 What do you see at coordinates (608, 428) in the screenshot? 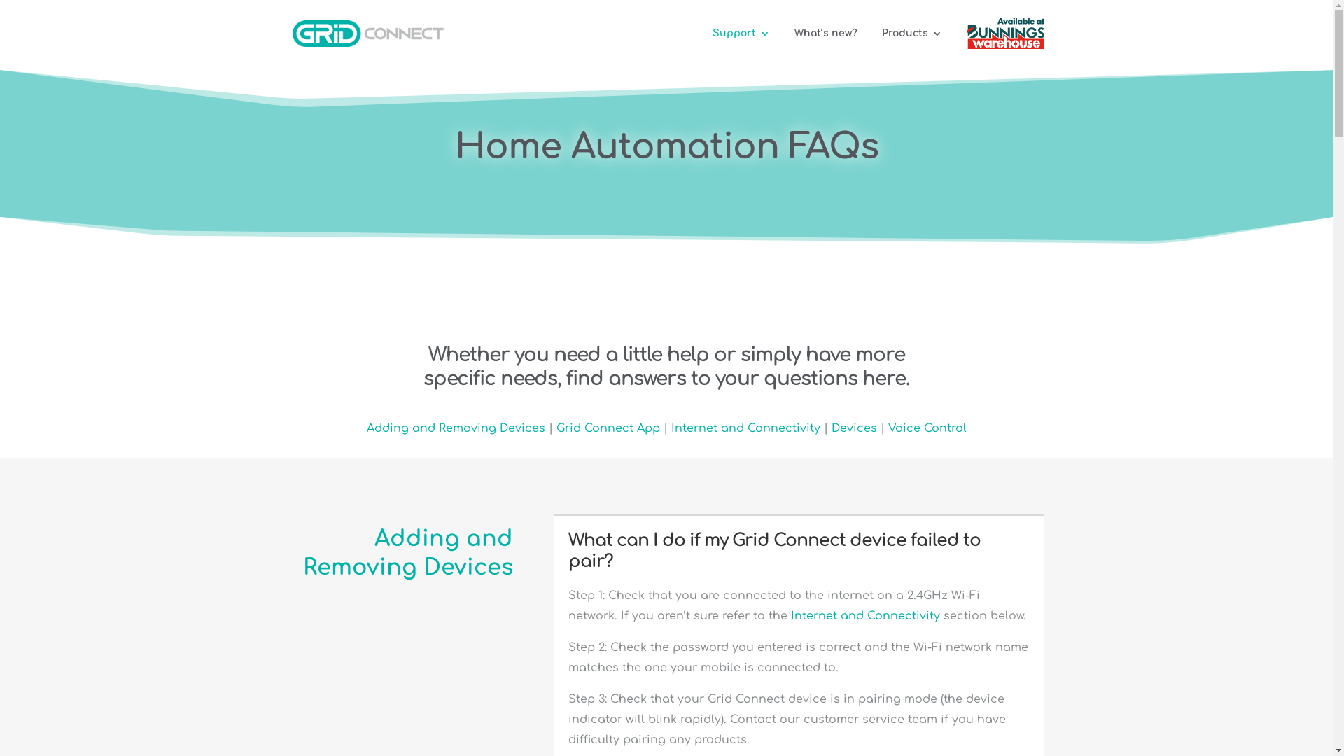
I see `'Grid Connect App'` at bounding box center [608, 428].